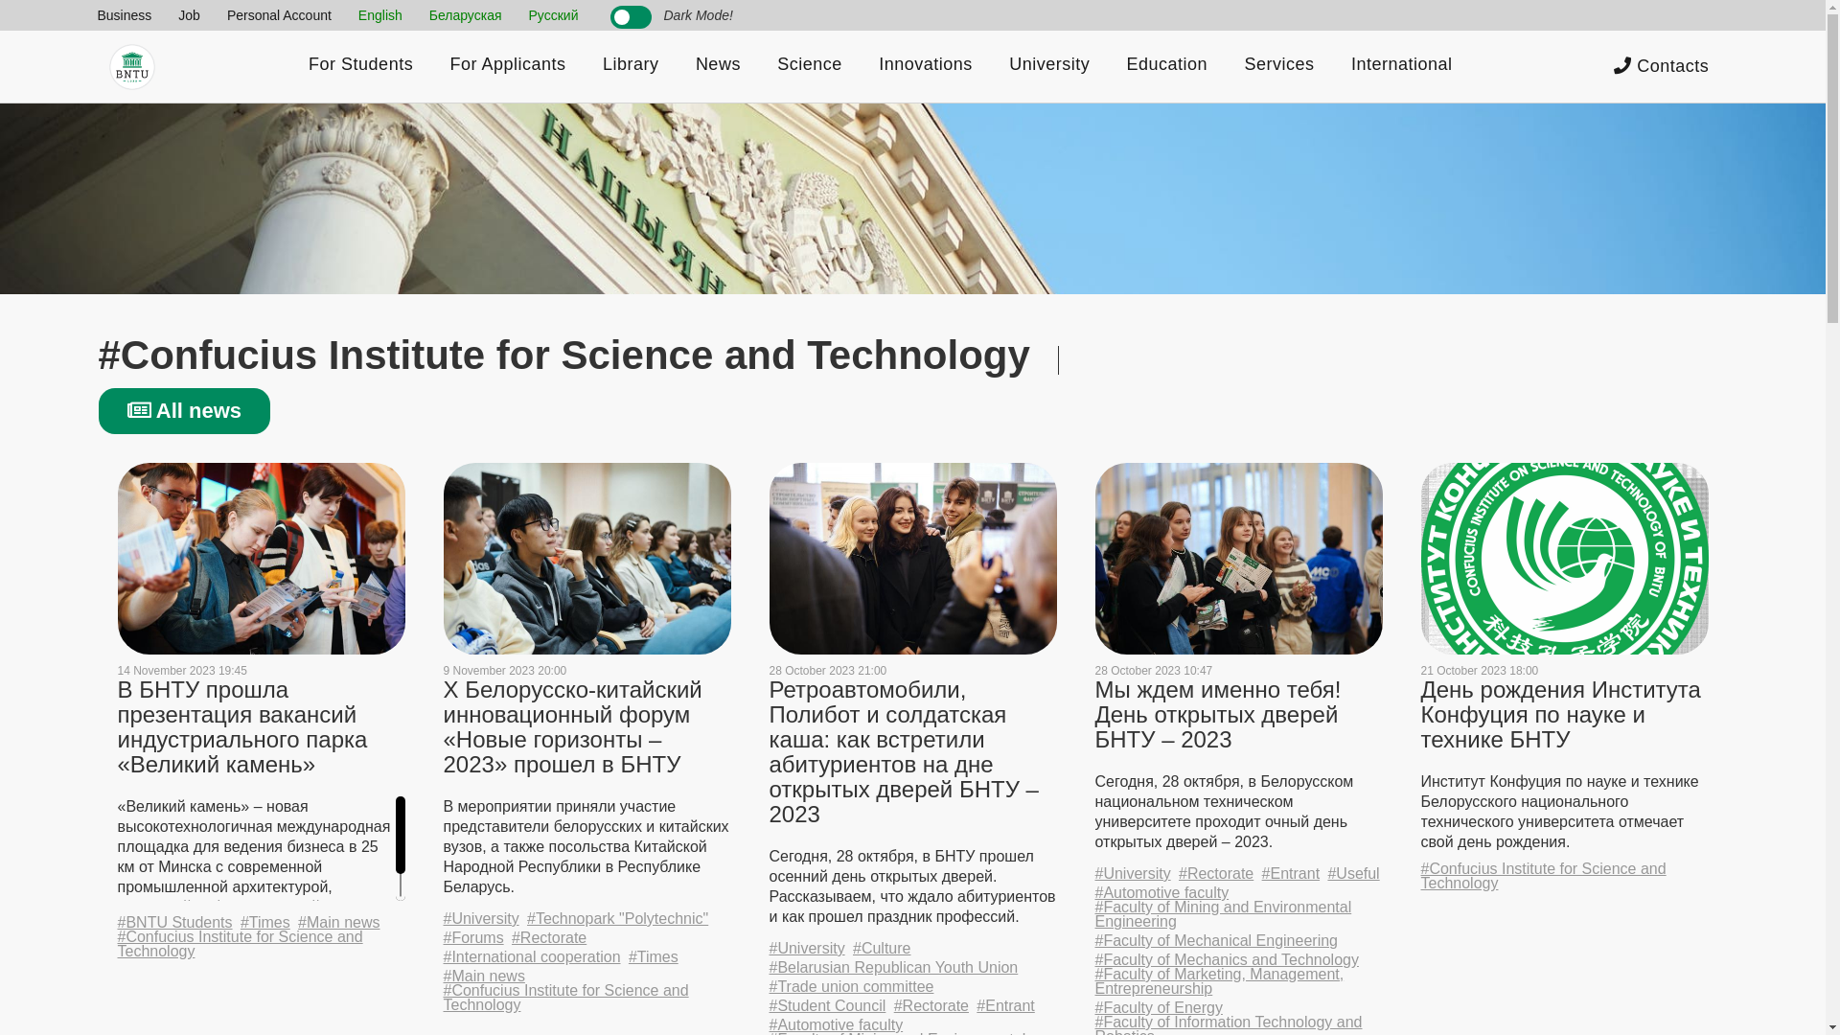 The height and width of the screenshot is (1035, 1840). What do you see at coordinates (472, 936) in the screenshot?
I see `'#Forums'` at bounding box center [472, 936].